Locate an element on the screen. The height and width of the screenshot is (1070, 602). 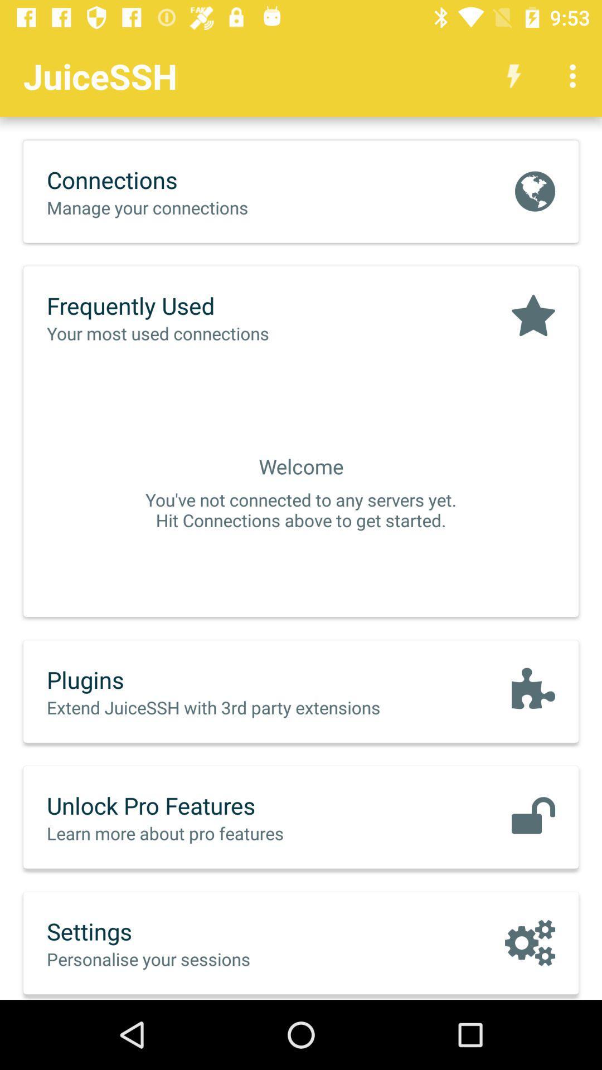
icon next to the settings item is located at coordinates (530, 942).